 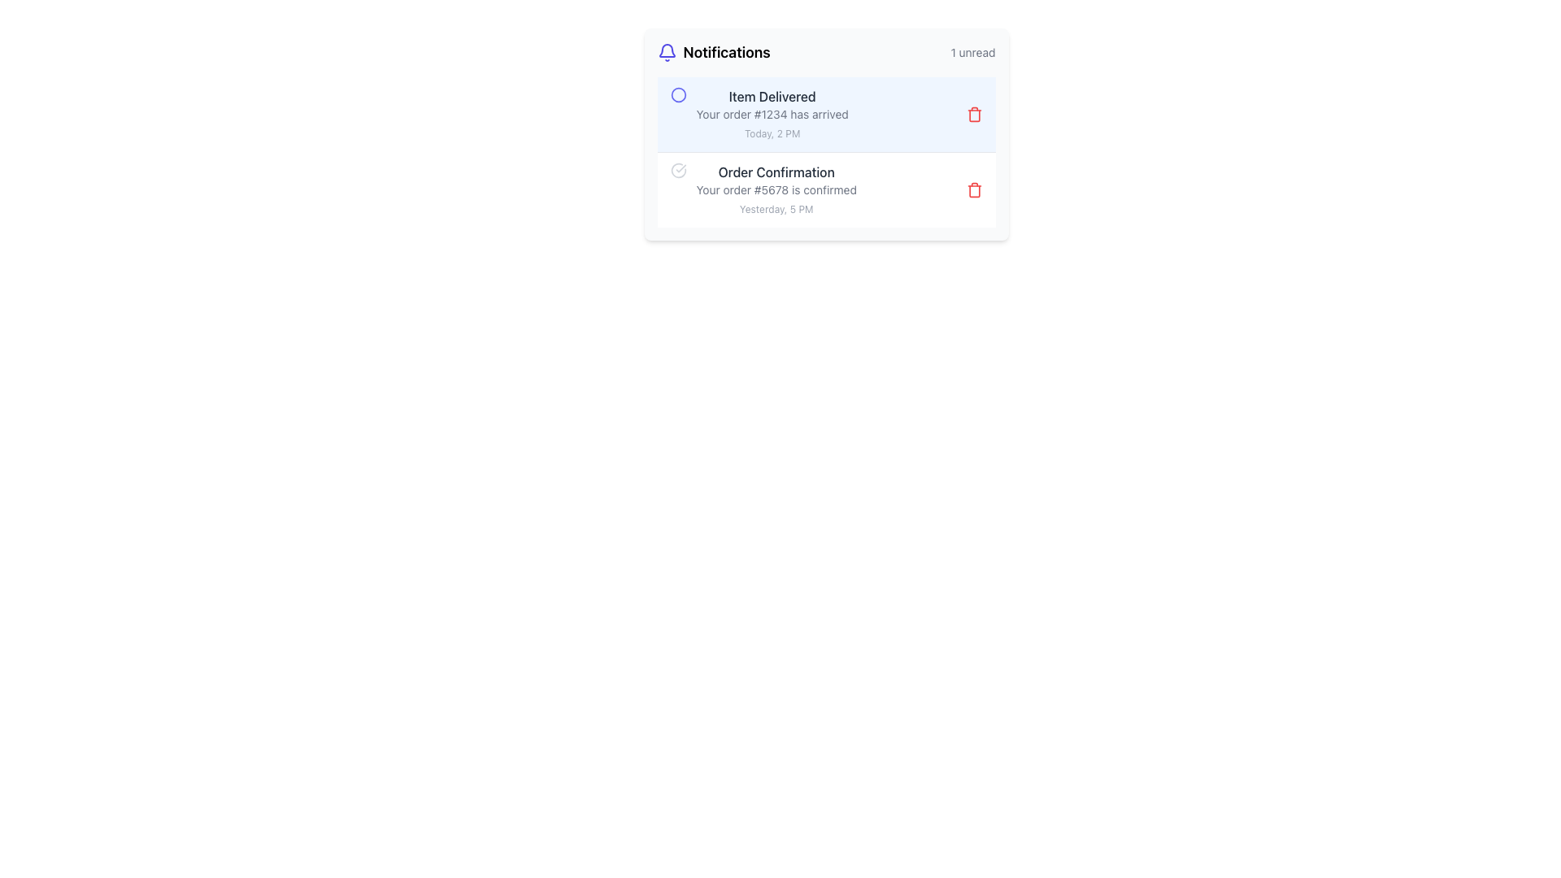 What do you see at coordinates (772, 114) in the screenshot?
I see `the Notification card that provides the delivery status for an order, located in the Notifications section above the Order Confirmation notification` at bounding box center [772, 114].